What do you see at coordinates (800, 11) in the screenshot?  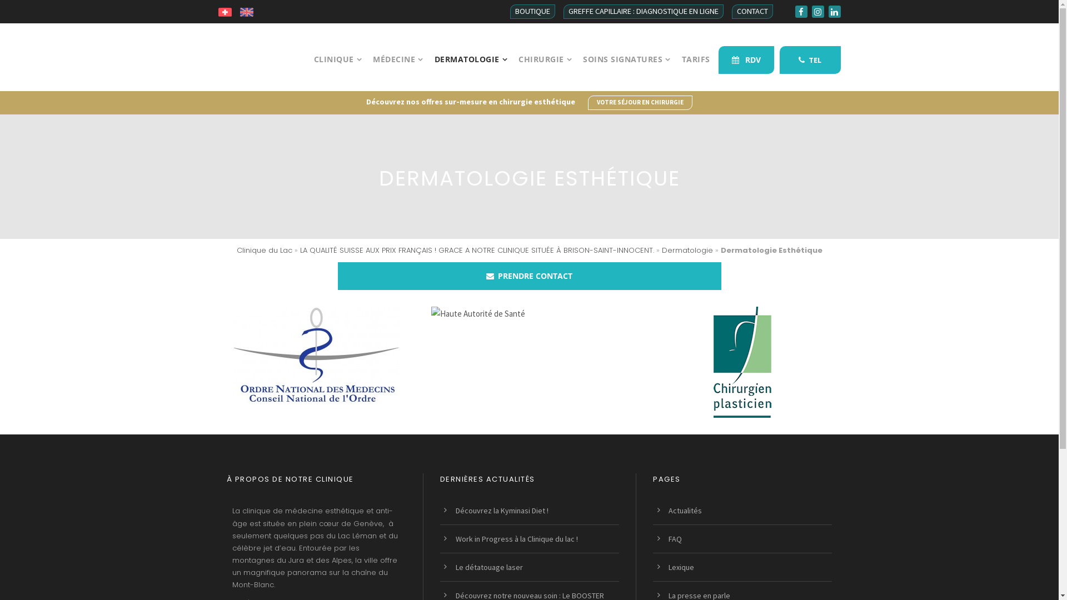 I see `'Facebook'` at bounding box center [800, 11].